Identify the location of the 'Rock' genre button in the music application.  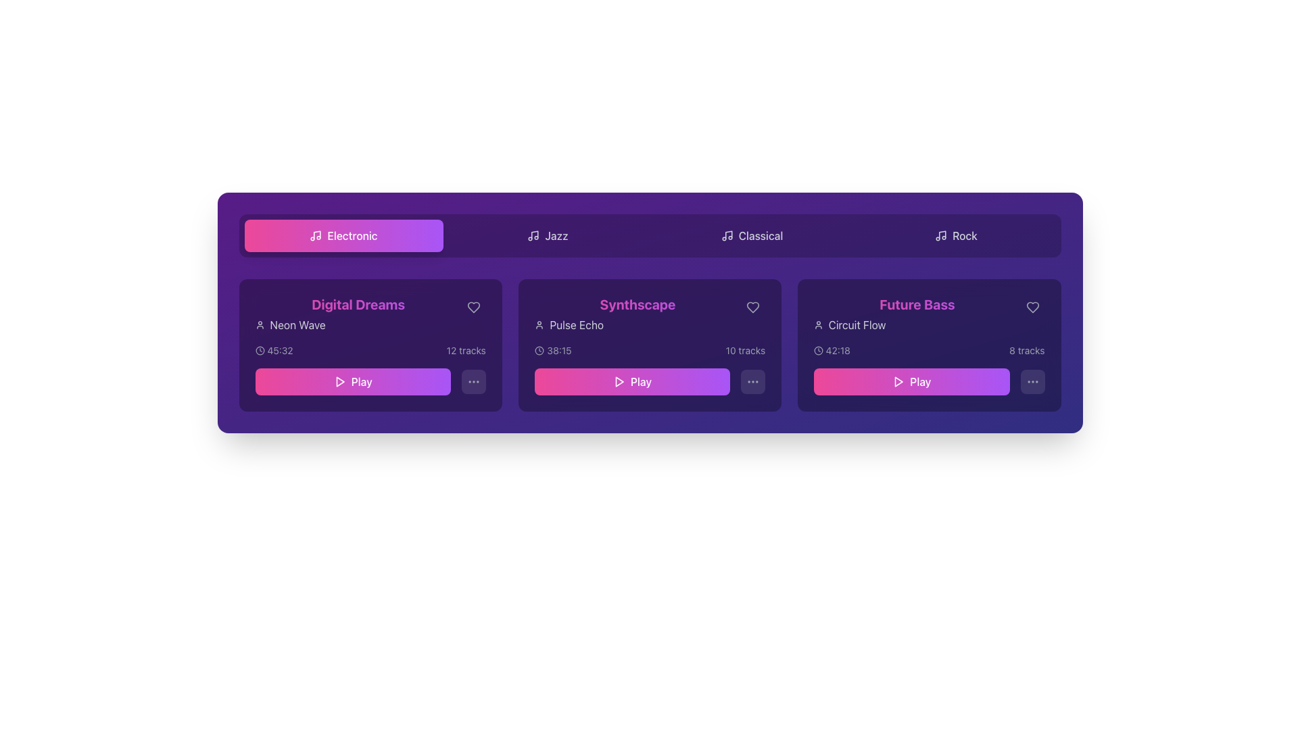
(955, 235).